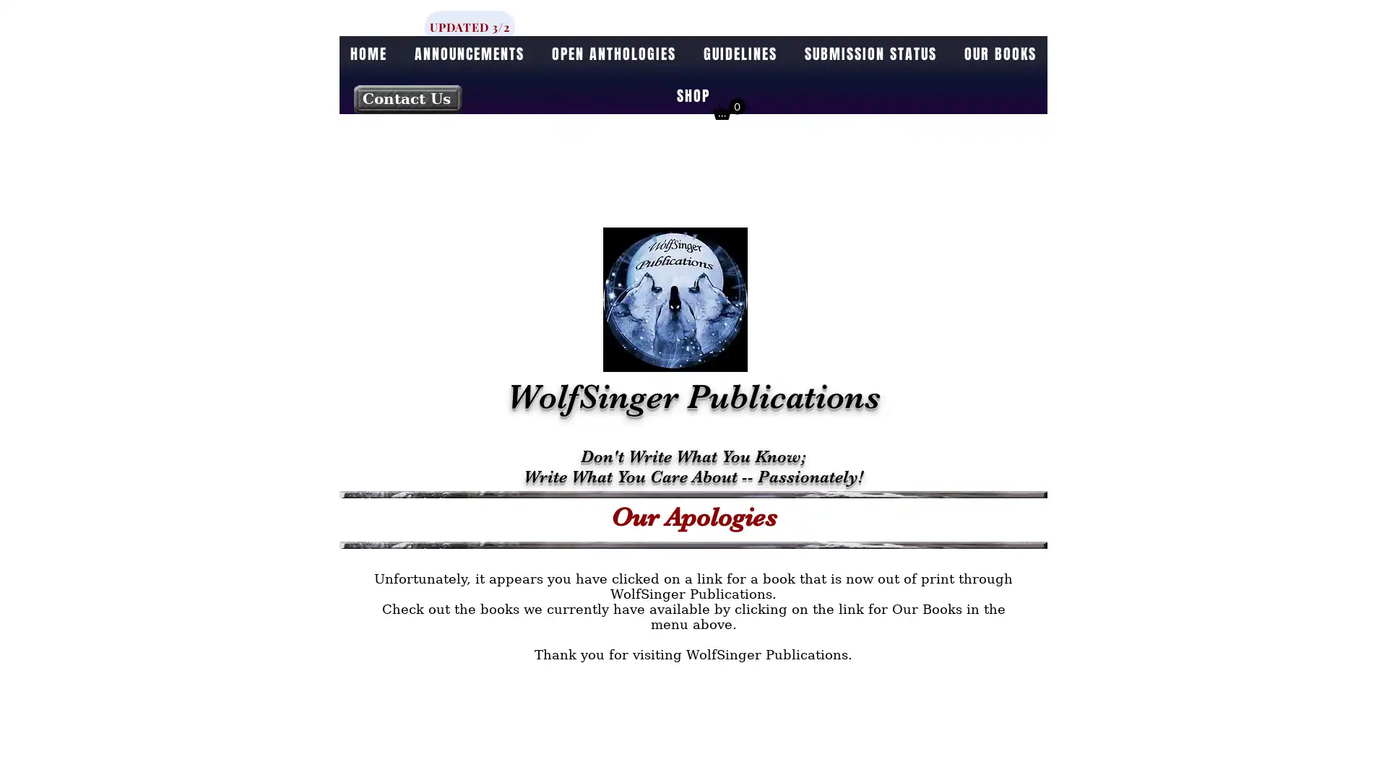 The width and height of the screenshot is (1387, 780). What do you see at coordinates (729, 108) in the screenshot?
I see `Cart with 0 items` at bounding box center [729, 108].